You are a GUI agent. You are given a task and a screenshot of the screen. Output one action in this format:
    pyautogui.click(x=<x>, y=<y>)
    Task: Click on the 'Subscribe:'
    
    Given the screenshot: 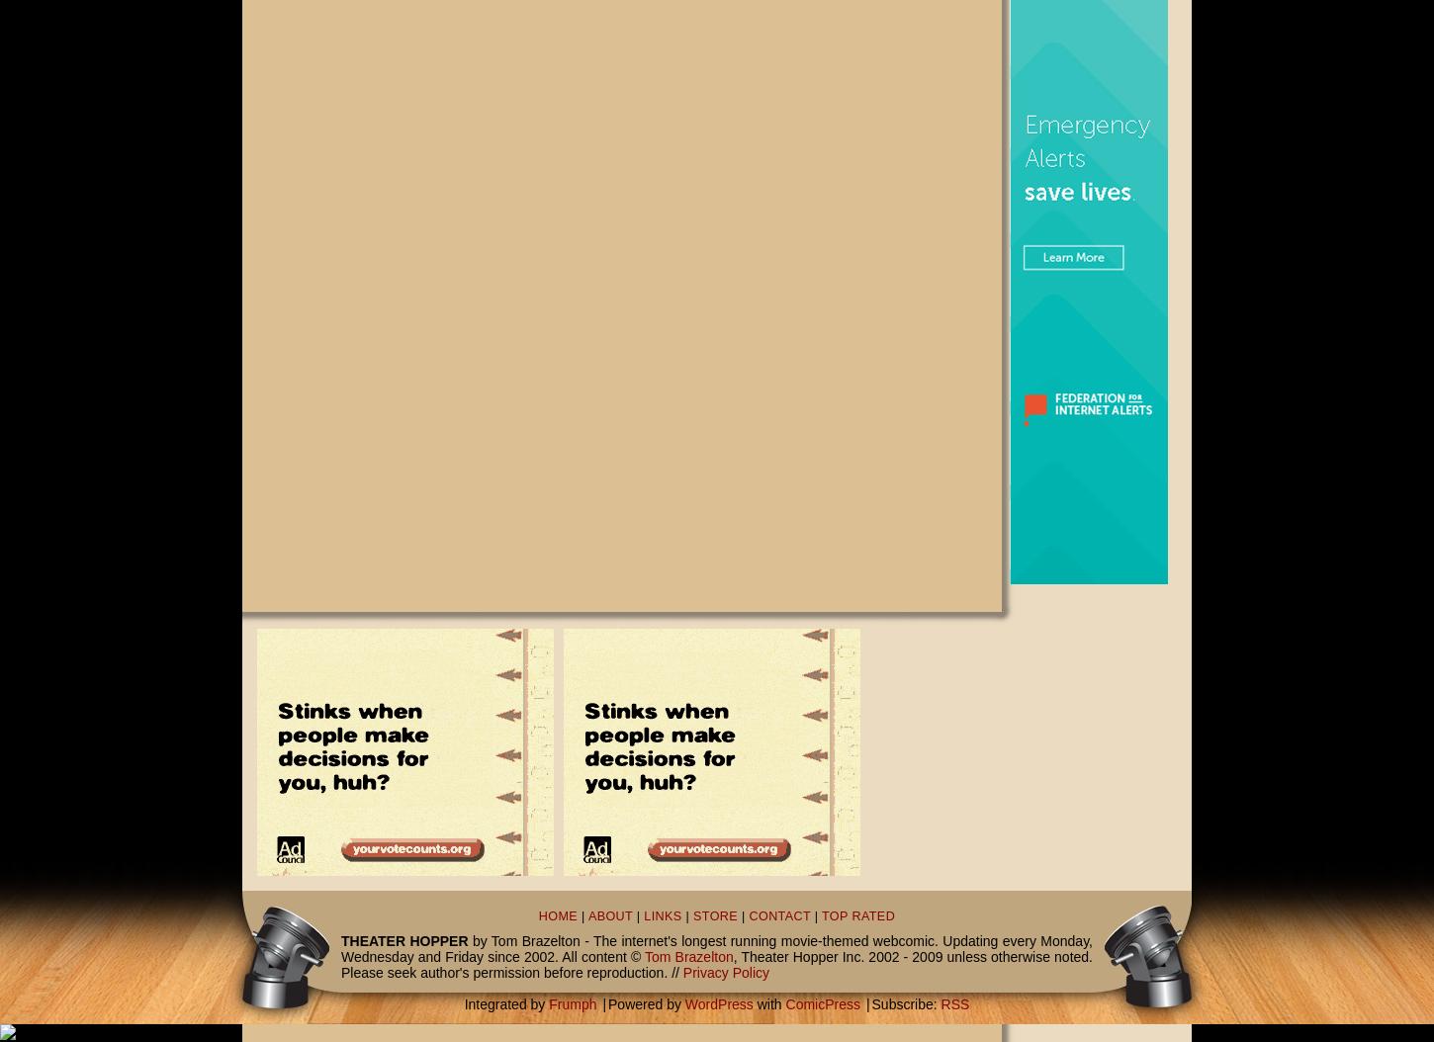 What is the action you would take?
    pyautogui.click(x=904, y=1002)
    